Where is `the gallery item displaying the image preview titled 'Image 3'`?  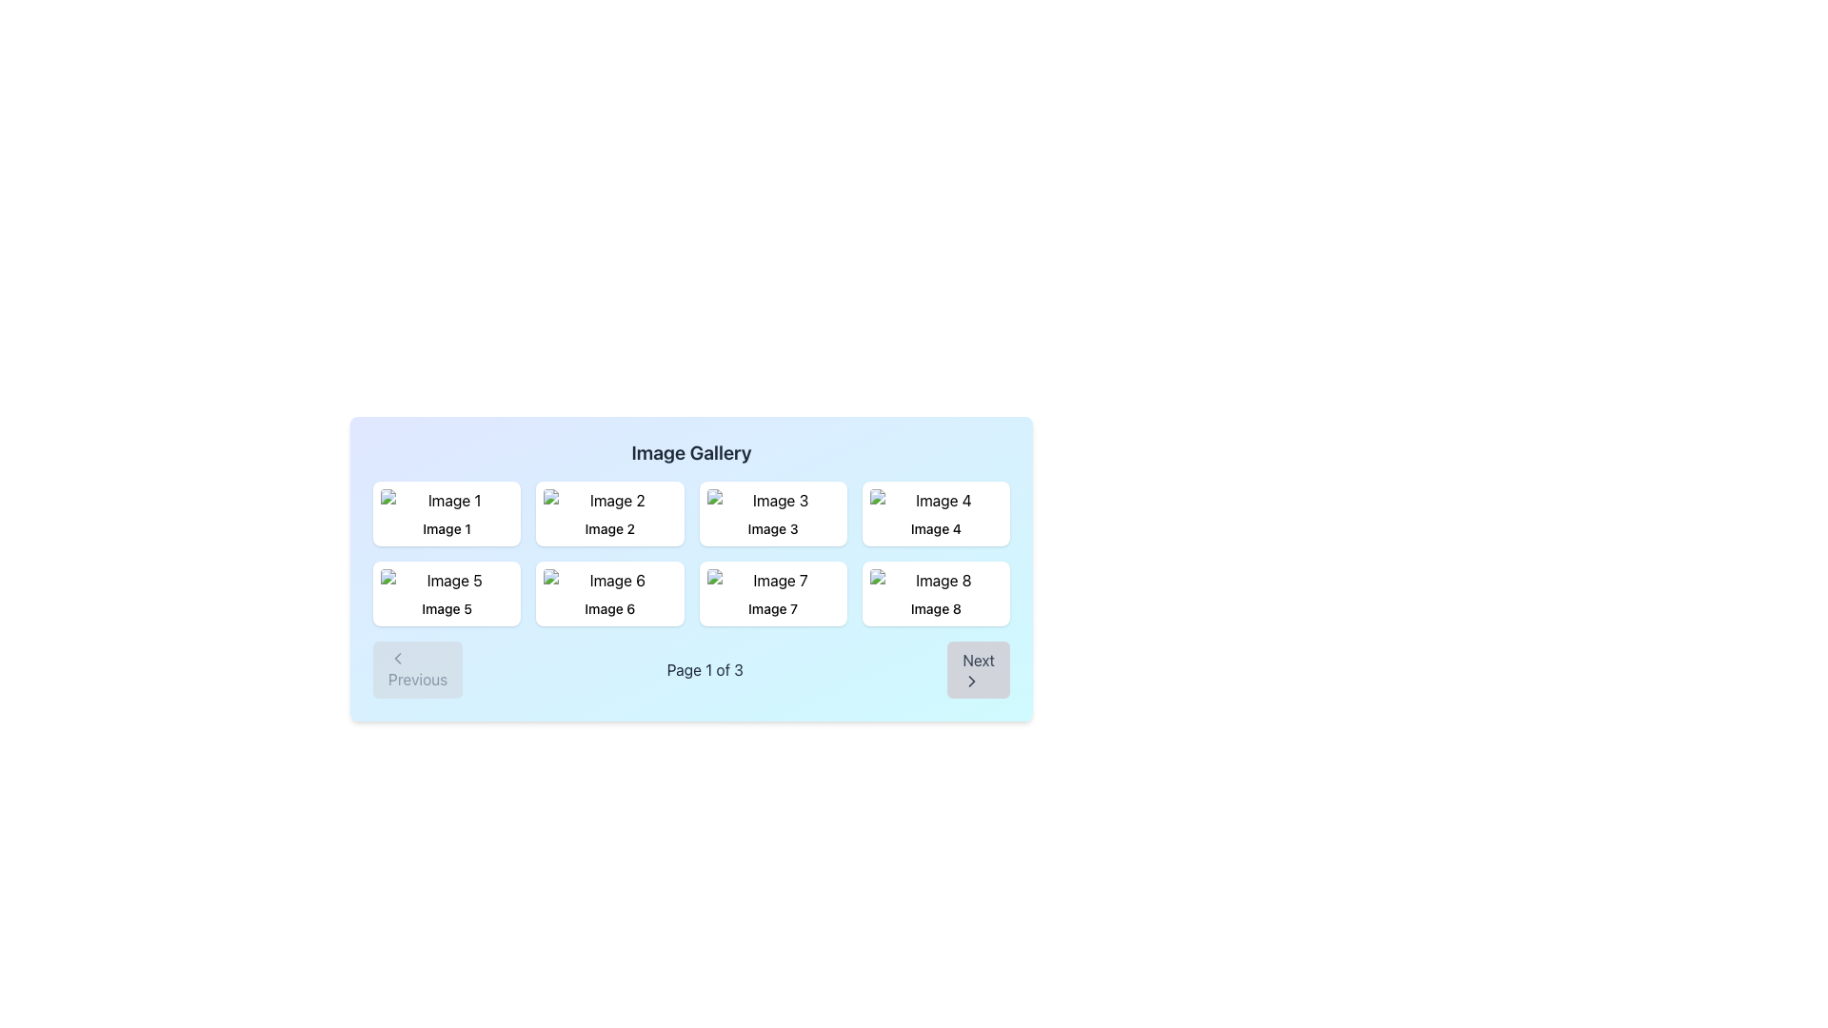
the gallery item displaying the image preview titled 'Image 3' is located at coordinates (773, 514).